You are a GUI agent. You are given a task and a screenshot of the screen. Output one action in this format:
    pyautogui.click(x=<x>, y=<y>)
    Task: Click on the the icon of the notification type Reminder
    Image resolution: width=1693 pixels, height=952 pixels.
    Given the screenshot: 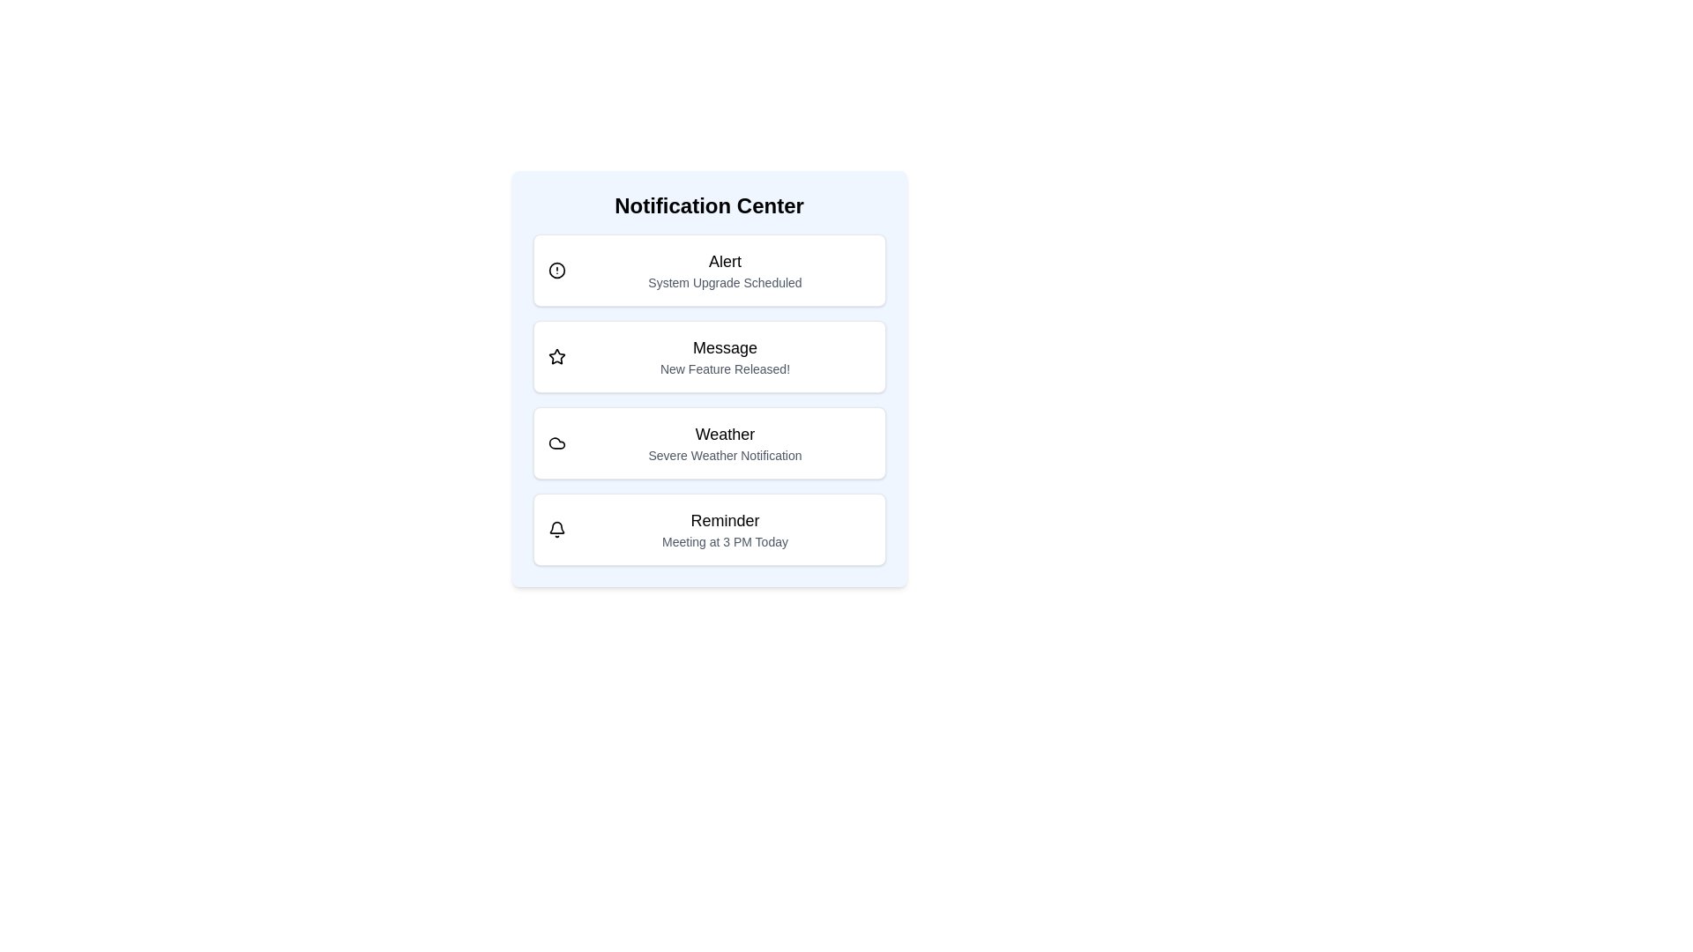 What is the action you would take?
    pyautogui.click(x=556, y=529)
    